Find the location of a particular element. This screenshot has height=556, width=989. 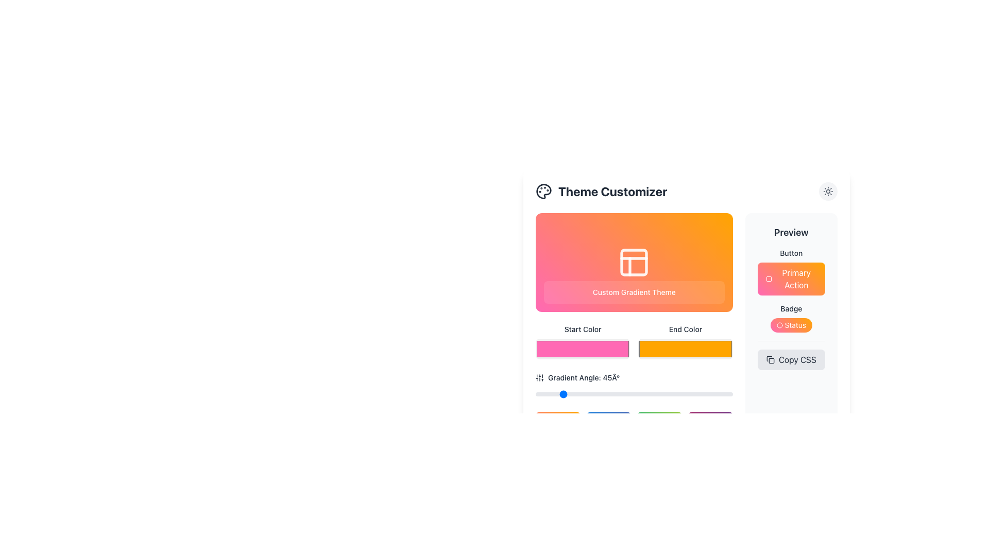

the button located in the 'Preview' section below the 'Status' badge is located at coordinates (791, 355).